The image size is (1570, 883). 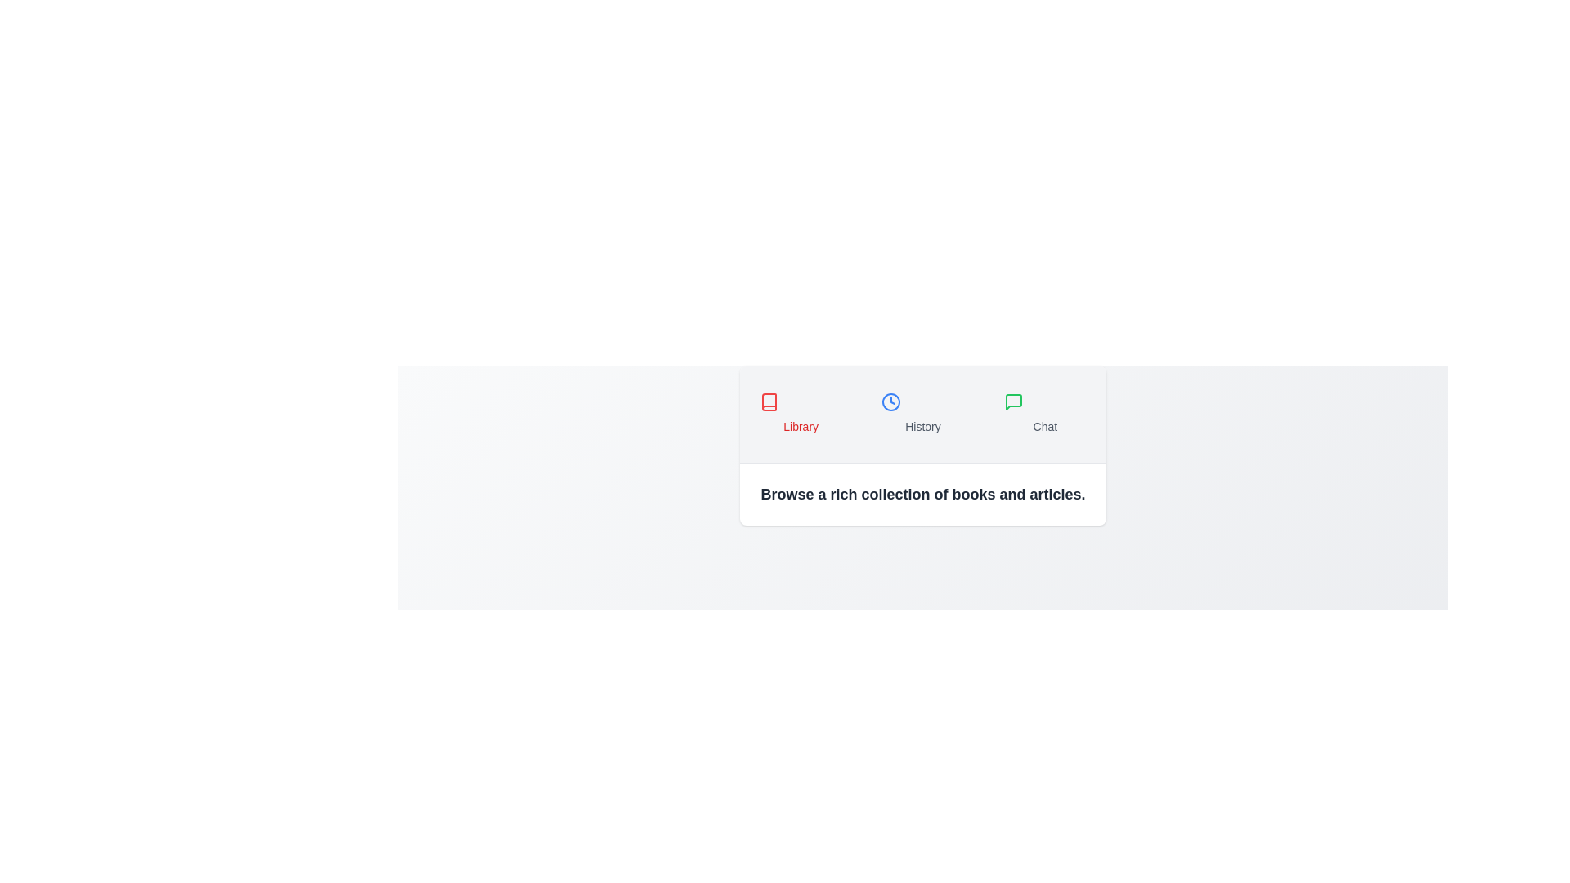 I want to click on the History tab, so click(x=922, y=413).